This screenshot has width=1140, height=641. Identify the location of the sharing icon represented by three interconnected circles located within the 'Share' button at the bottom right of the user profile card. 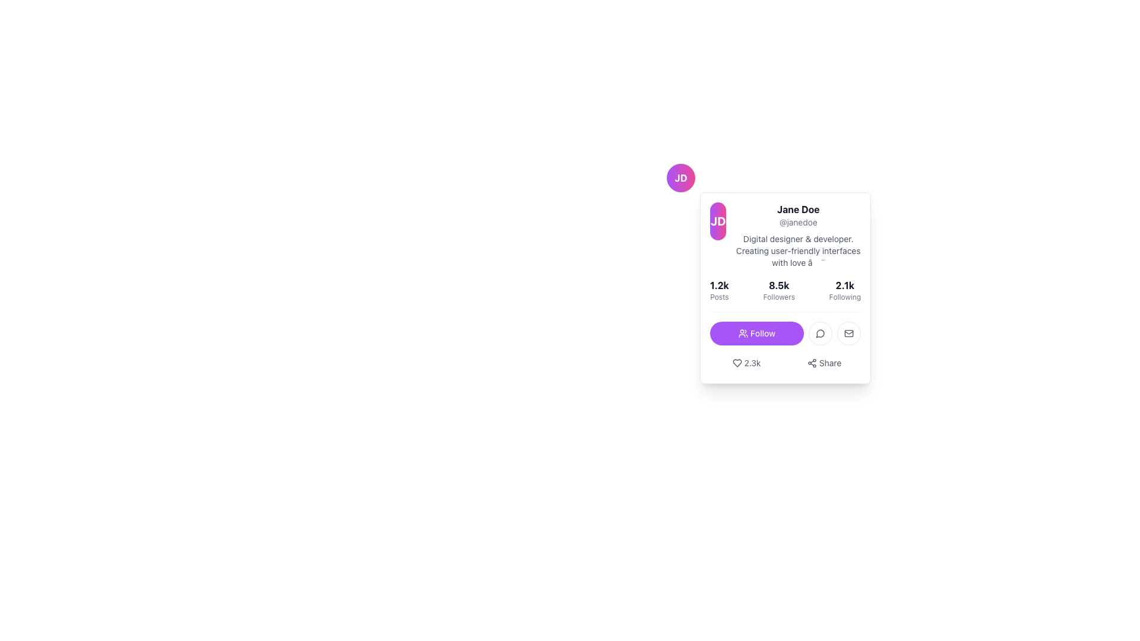
(811, 363).